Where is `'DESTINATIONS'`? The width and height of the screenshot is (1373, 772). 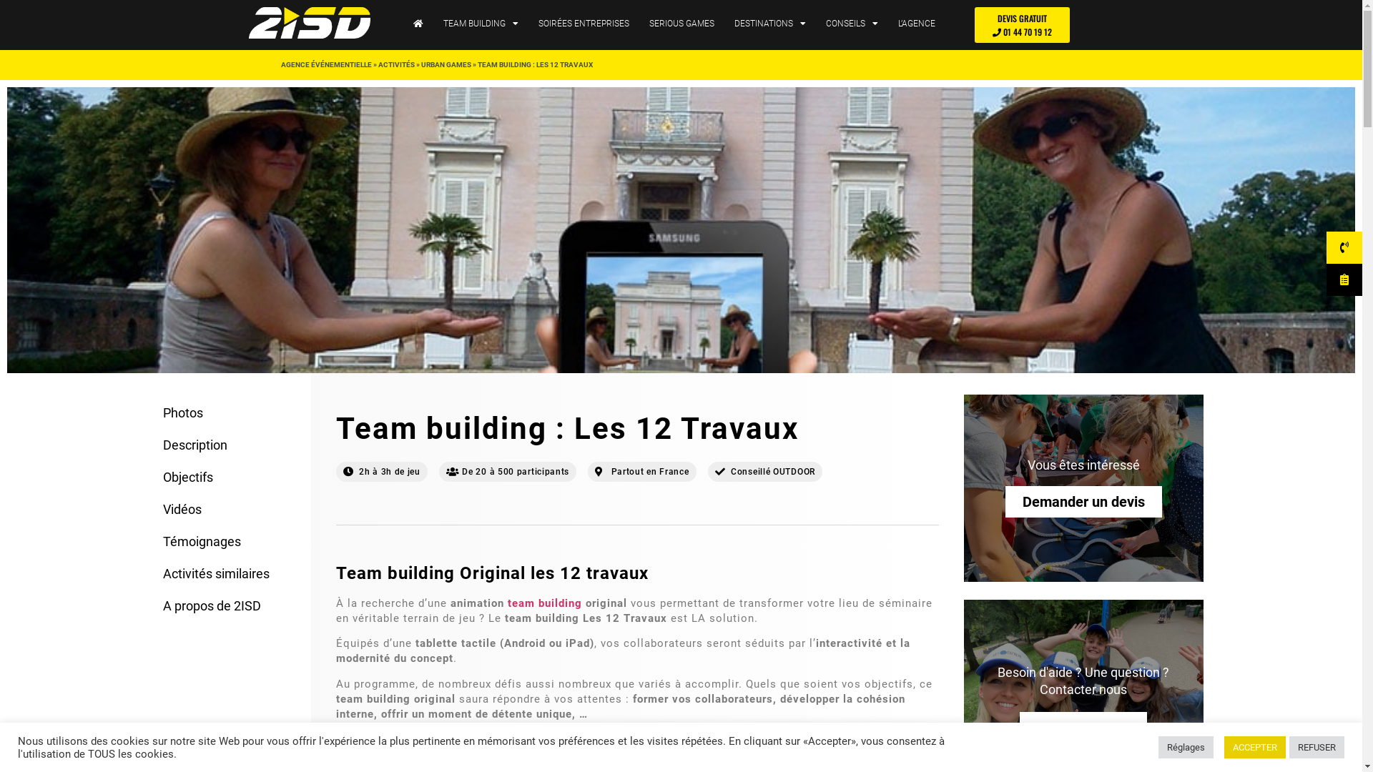
'DESTINATIONS' is located at coordinates (769, 24).